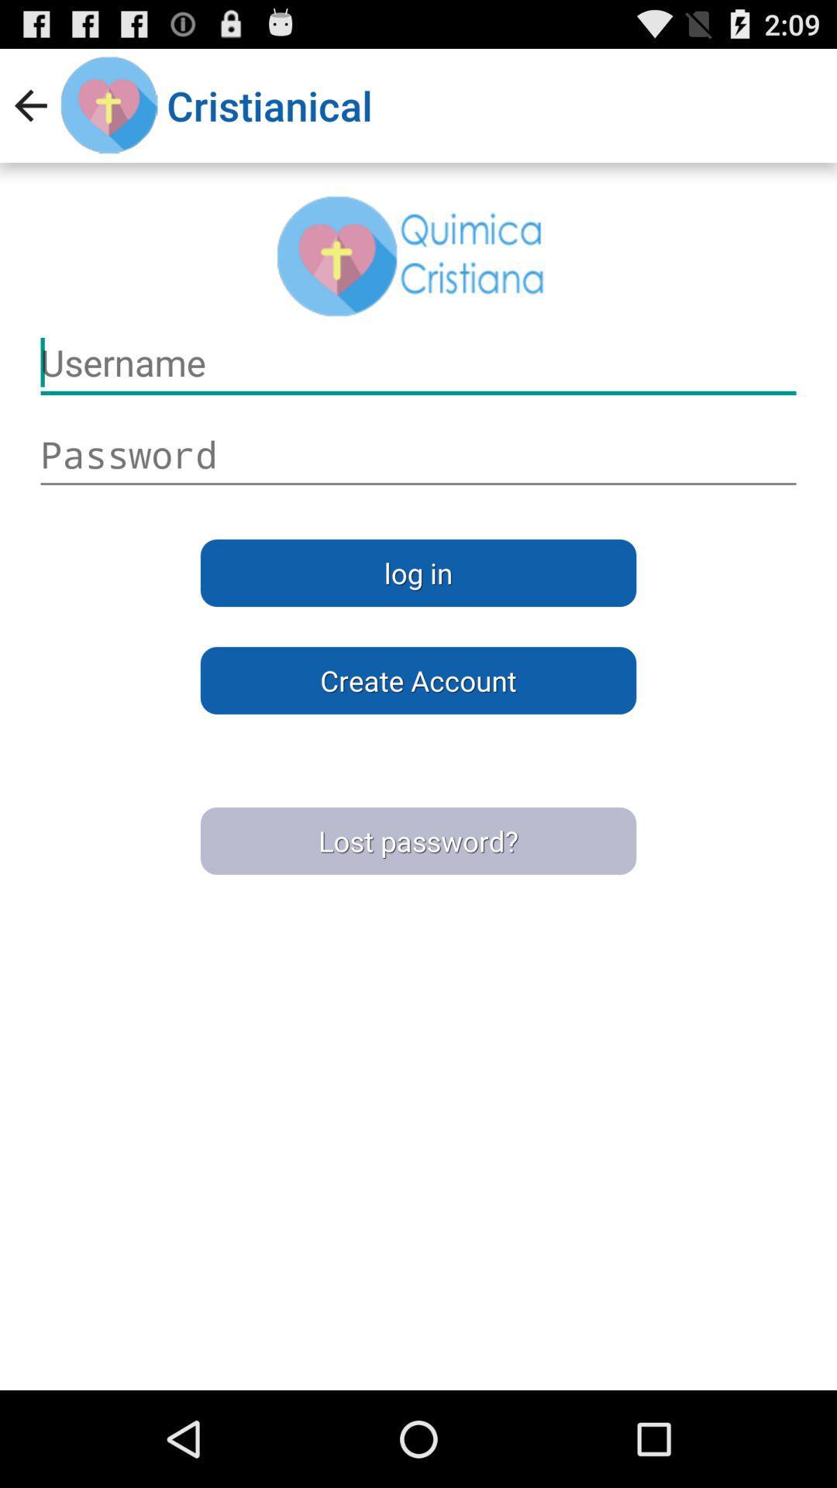 This screenshot has width=837, height=1488. I want to click on the item below create account item, so click(418, 840).